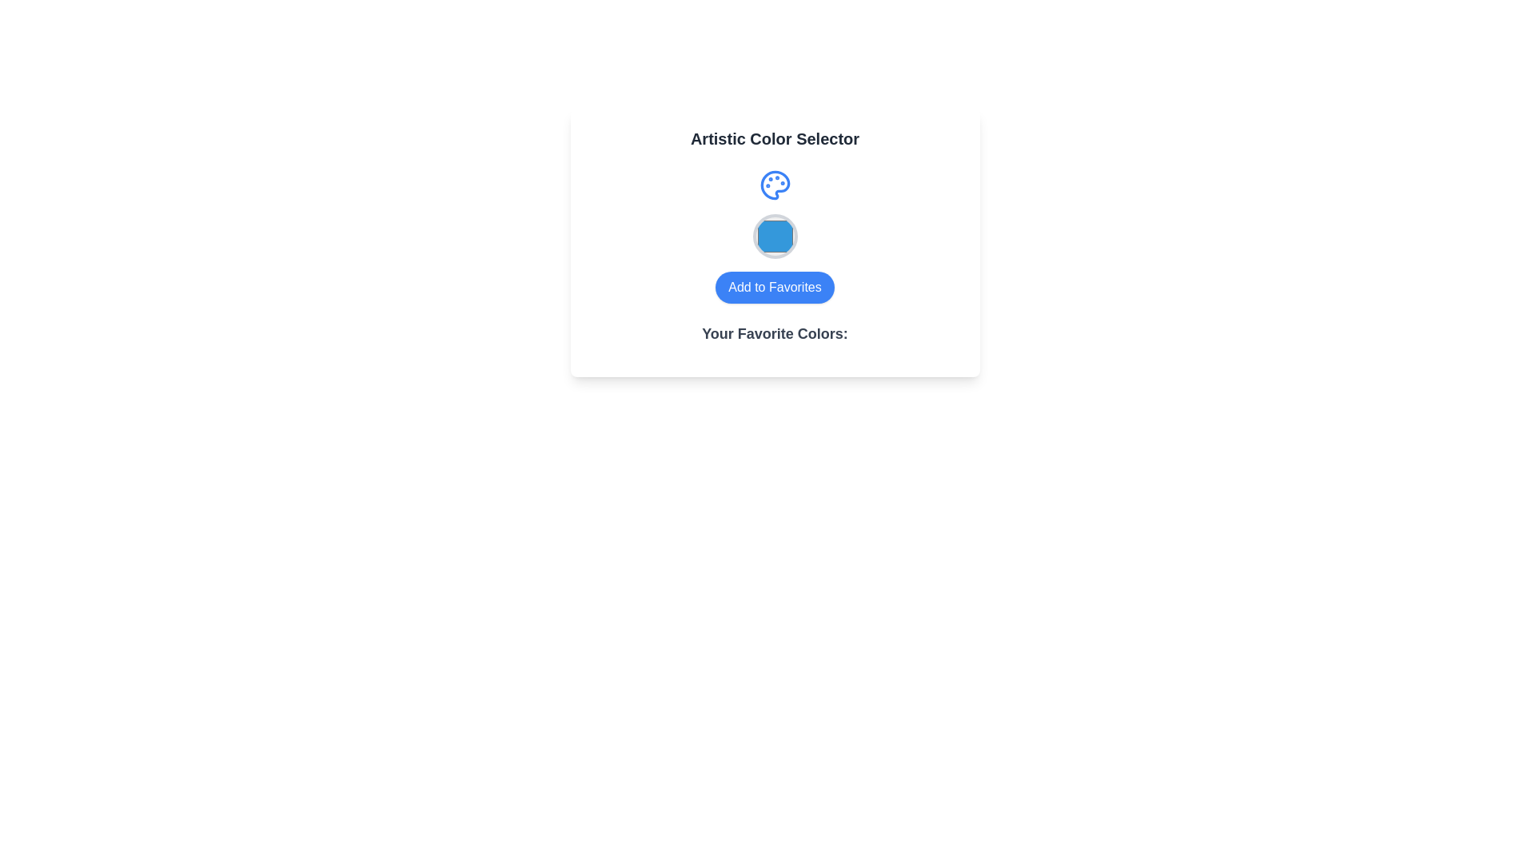  Describe the element at coordinates (775, 237) in the screenshot. I see `the second interactive element in the vertically arranged group, the Color selection button` at that location.